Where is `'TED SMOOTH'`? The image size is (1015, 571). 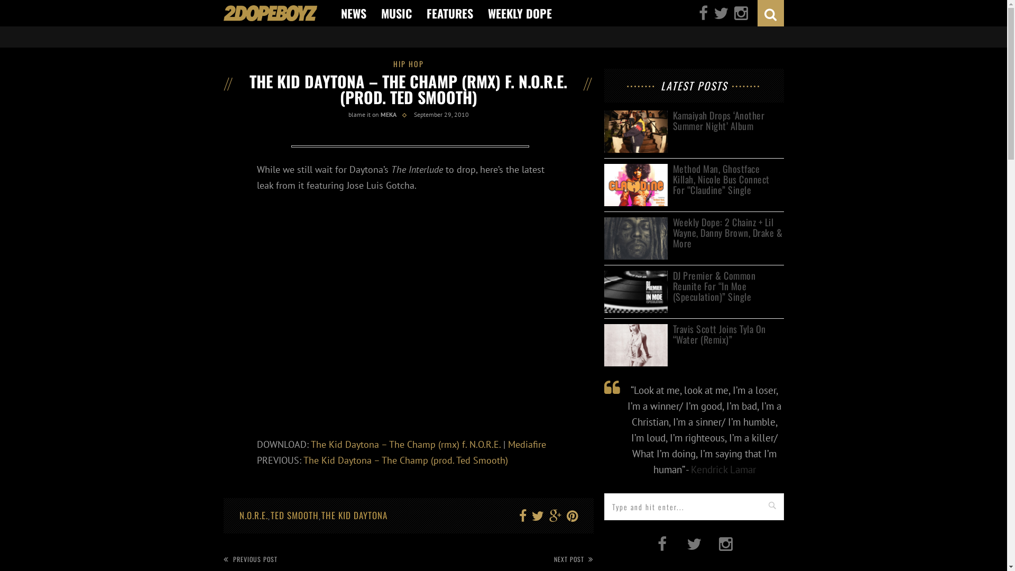 'TED SMOOTH' is located at coordinates (271, 514).